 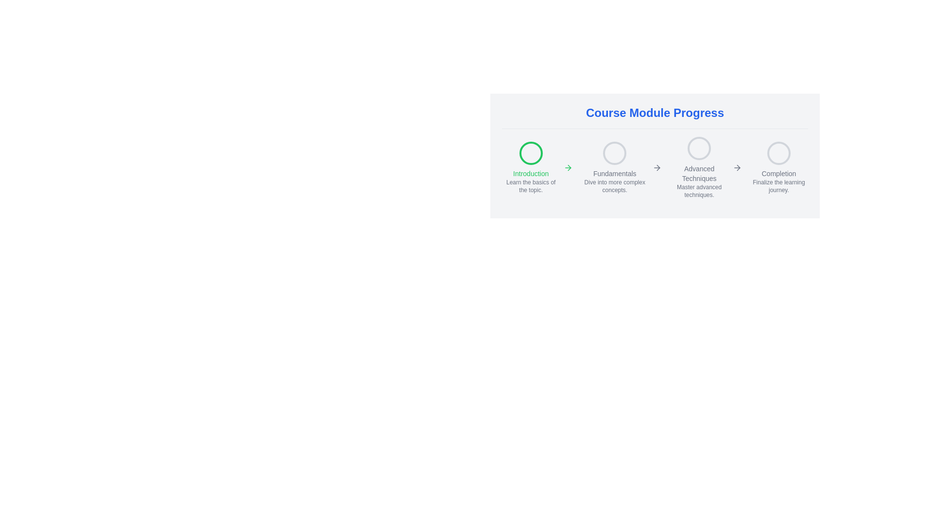 I want to click on the informational module step with the gray circular icon and text lines 'Fundamentals' and 'Dive into more complex concepts.', so click(x=614, y=167).